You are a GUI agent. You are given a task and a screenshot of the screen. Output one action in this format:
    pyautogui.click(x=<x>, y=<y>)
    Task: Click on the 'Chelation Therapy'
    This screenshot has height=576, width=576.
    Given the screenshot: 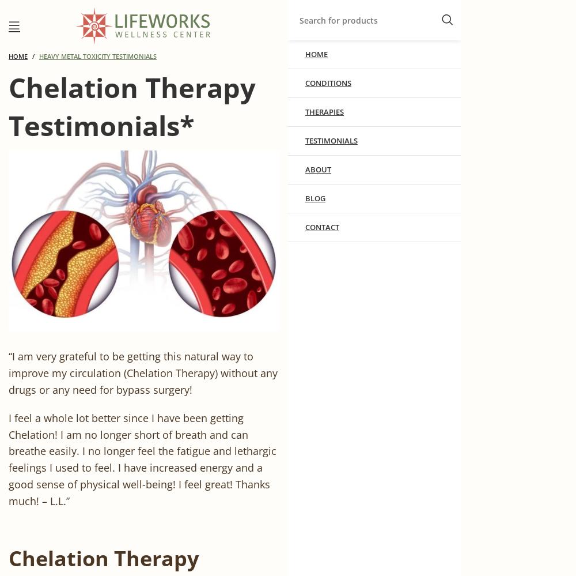 What is the action you would take?
    pyautogui.click(x=9, y=557)
    